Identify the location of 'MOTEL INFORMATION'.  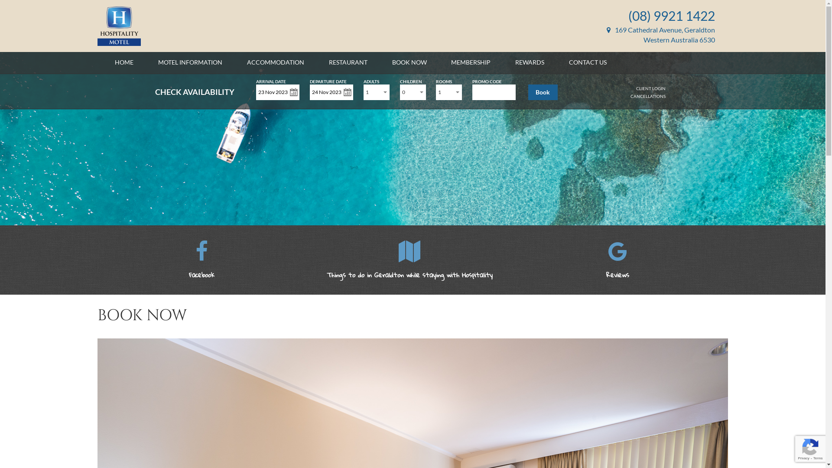
(189, 62).